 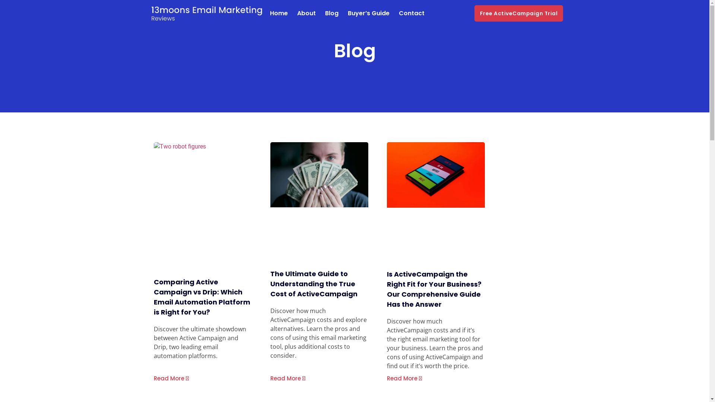 I want to click on 'About', so click(x=306, y=13).